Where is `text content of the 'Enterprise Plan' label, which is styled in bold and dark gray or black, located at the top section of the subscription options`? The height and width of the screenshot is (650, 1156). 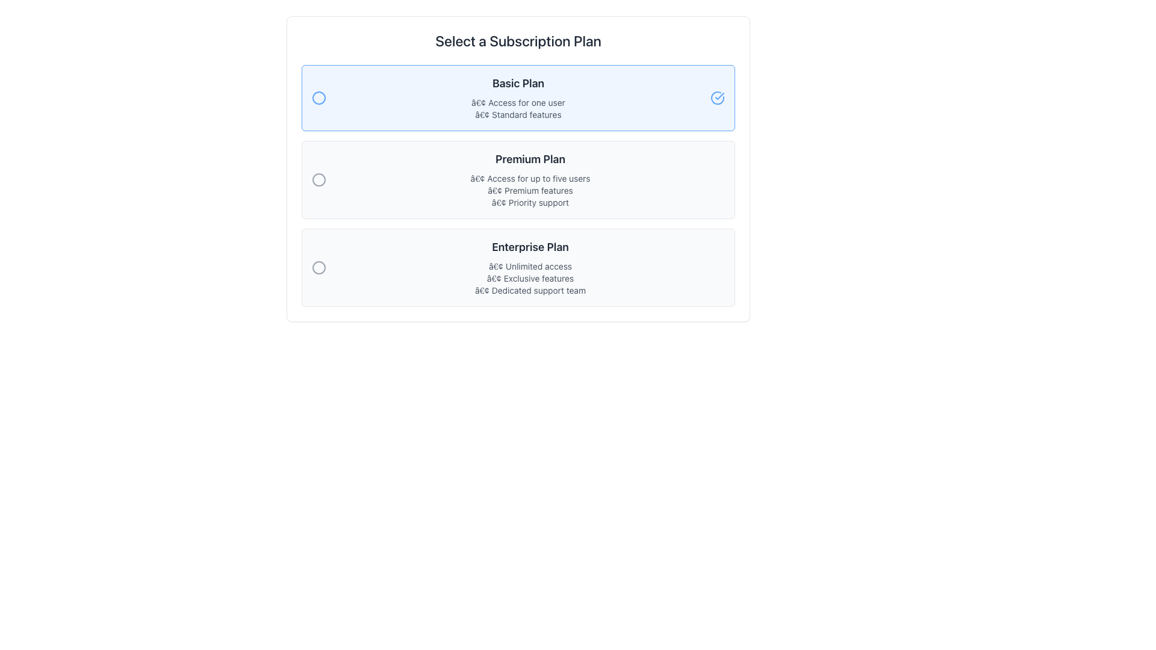 text content of the 'Enterprise Plan' label, which is styled in bold and dark gray or black, located at the top section of the subscription options is located at coordinates (530, 247).